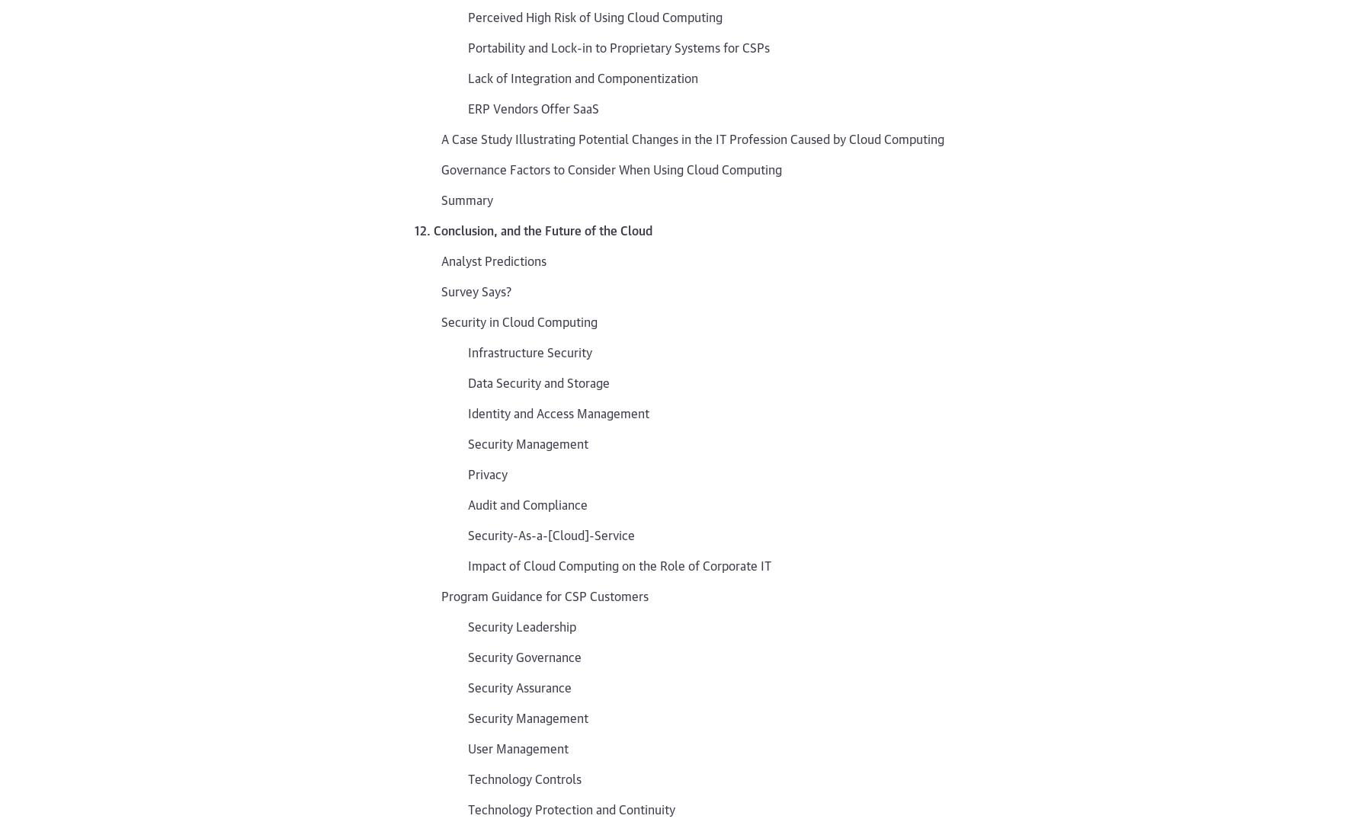 This screenshot has width=1359, height=822. Describe the element at coordinates (527, 502) in the screenshot. I see `'Audit and Compliance'` at that location.